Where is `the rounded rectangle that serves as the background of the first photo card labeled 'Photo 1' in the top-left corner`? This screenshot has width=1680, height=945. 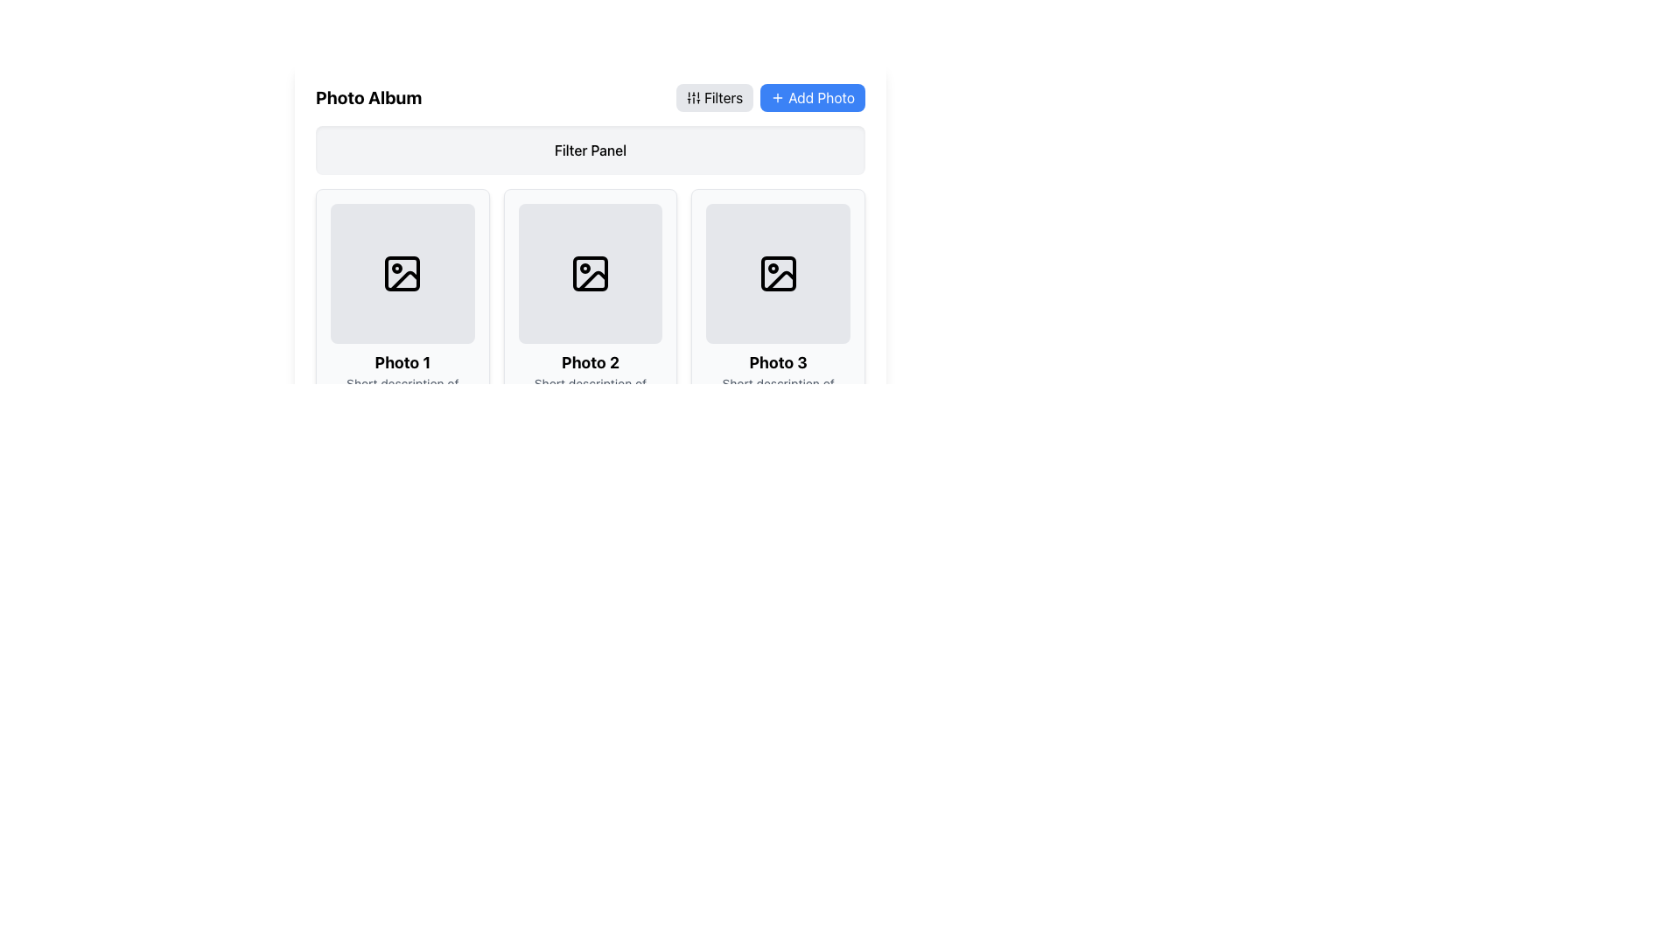
the rounded rectangle that serves as the background of the first photo card labeled 'Photo 1' in the top-left corner is located at coordinates (402, 273).